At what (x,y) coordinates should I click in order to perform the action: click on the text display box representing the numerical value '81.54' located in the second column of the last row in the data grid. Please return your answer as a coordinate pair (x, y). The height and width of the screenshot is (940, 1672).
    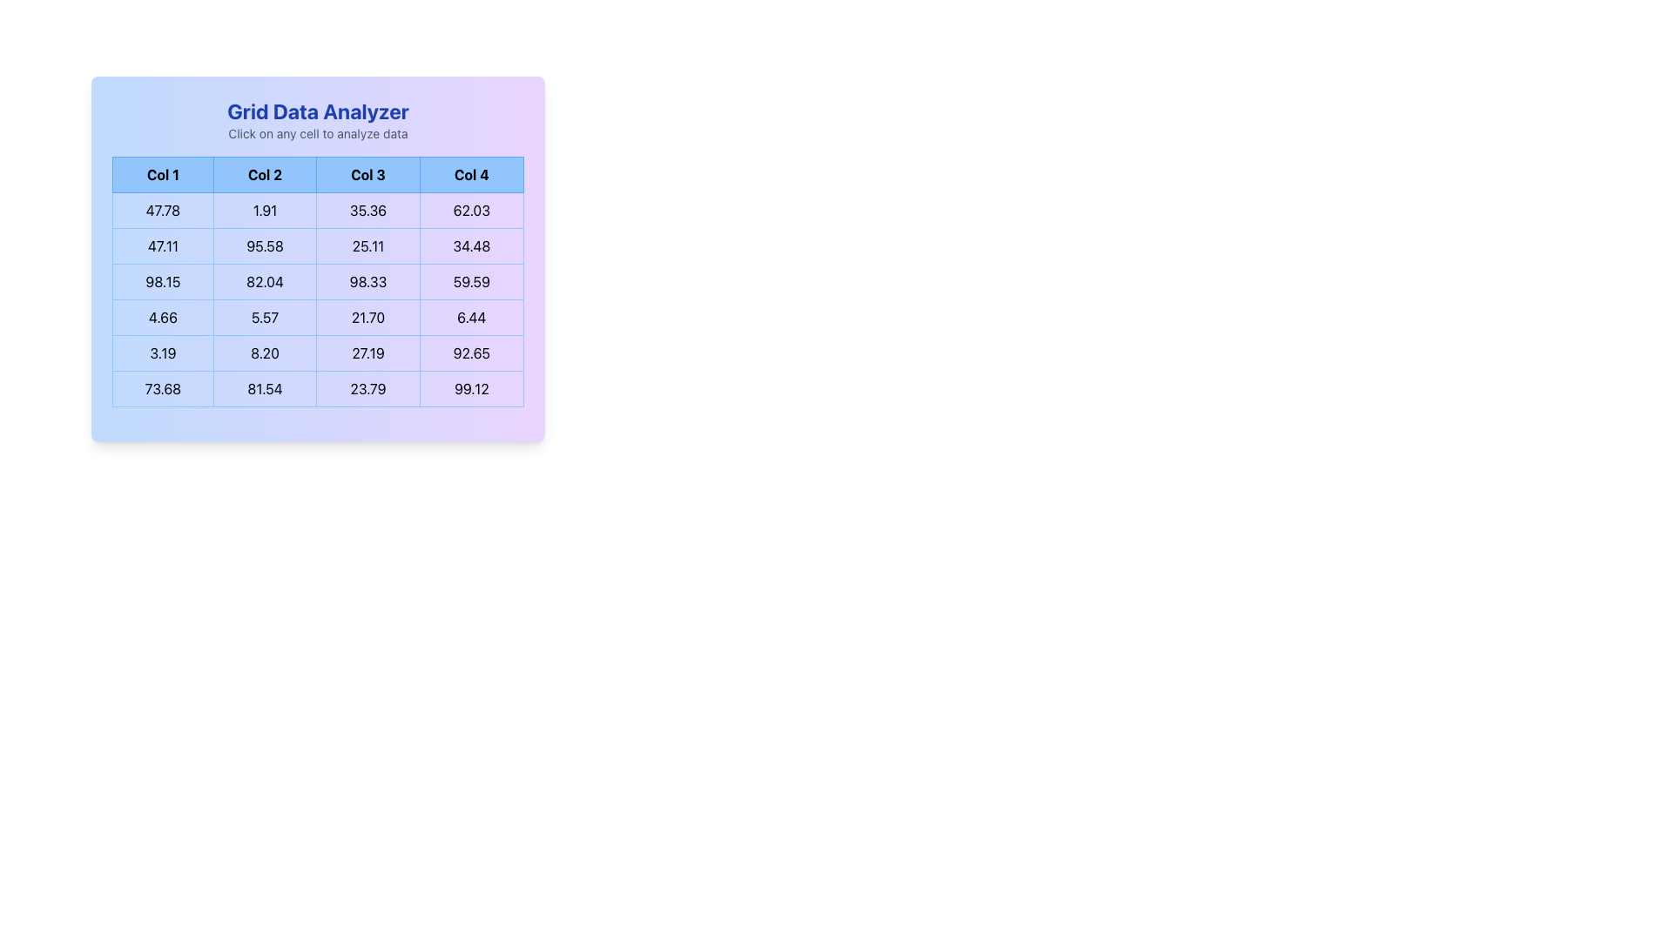
    Looking at the image, I should click on (264, 388).